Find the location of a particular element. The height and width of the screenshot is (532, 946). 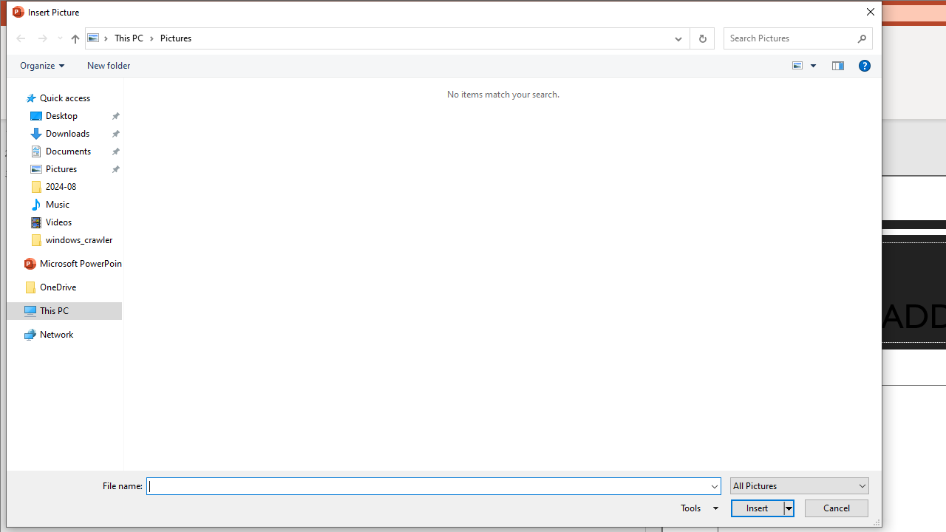

'Cancel' is located at coordinates (837, 508).